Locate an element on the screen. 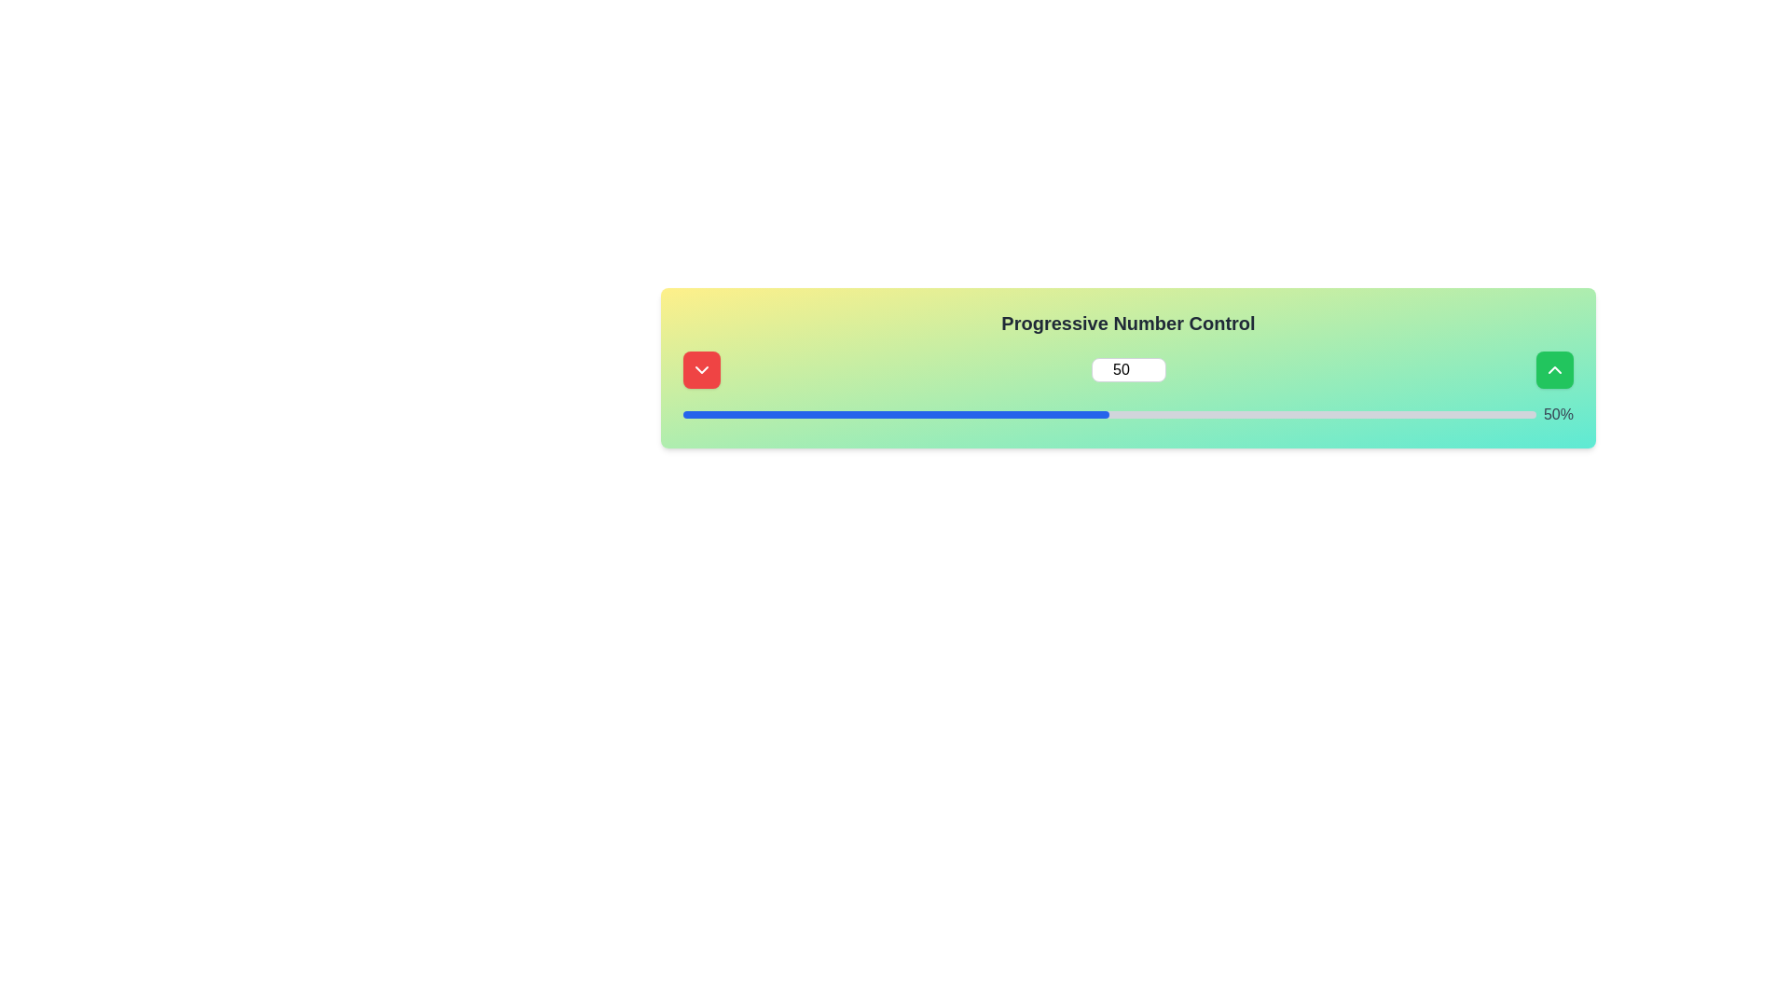 The height and width of the screenshot is (1007, 1790). the downward-facing chevron icon within the button that has a bright red background, located at the far left of the interface is located at coordinates (701, 370).